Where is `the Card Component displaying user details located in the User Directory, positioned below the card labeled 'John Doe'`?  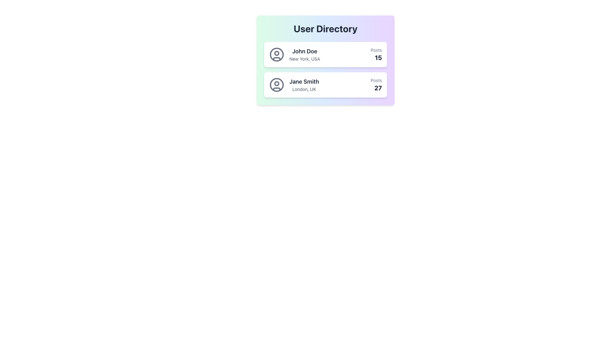
the Card Component displaying user details located in the User Directory, positioned below the card labeled 'John Doe' is located at coordinates (325, 85).